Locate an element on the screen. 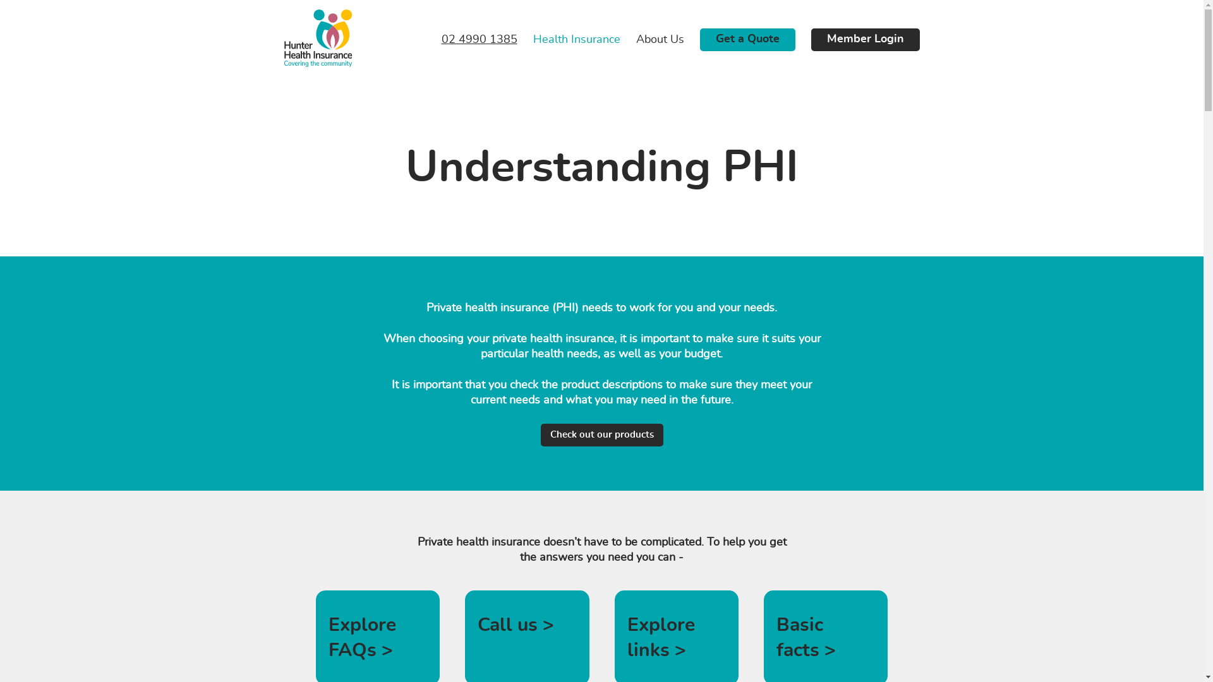  'Health Insurance' is located at coordinates (567, 39).